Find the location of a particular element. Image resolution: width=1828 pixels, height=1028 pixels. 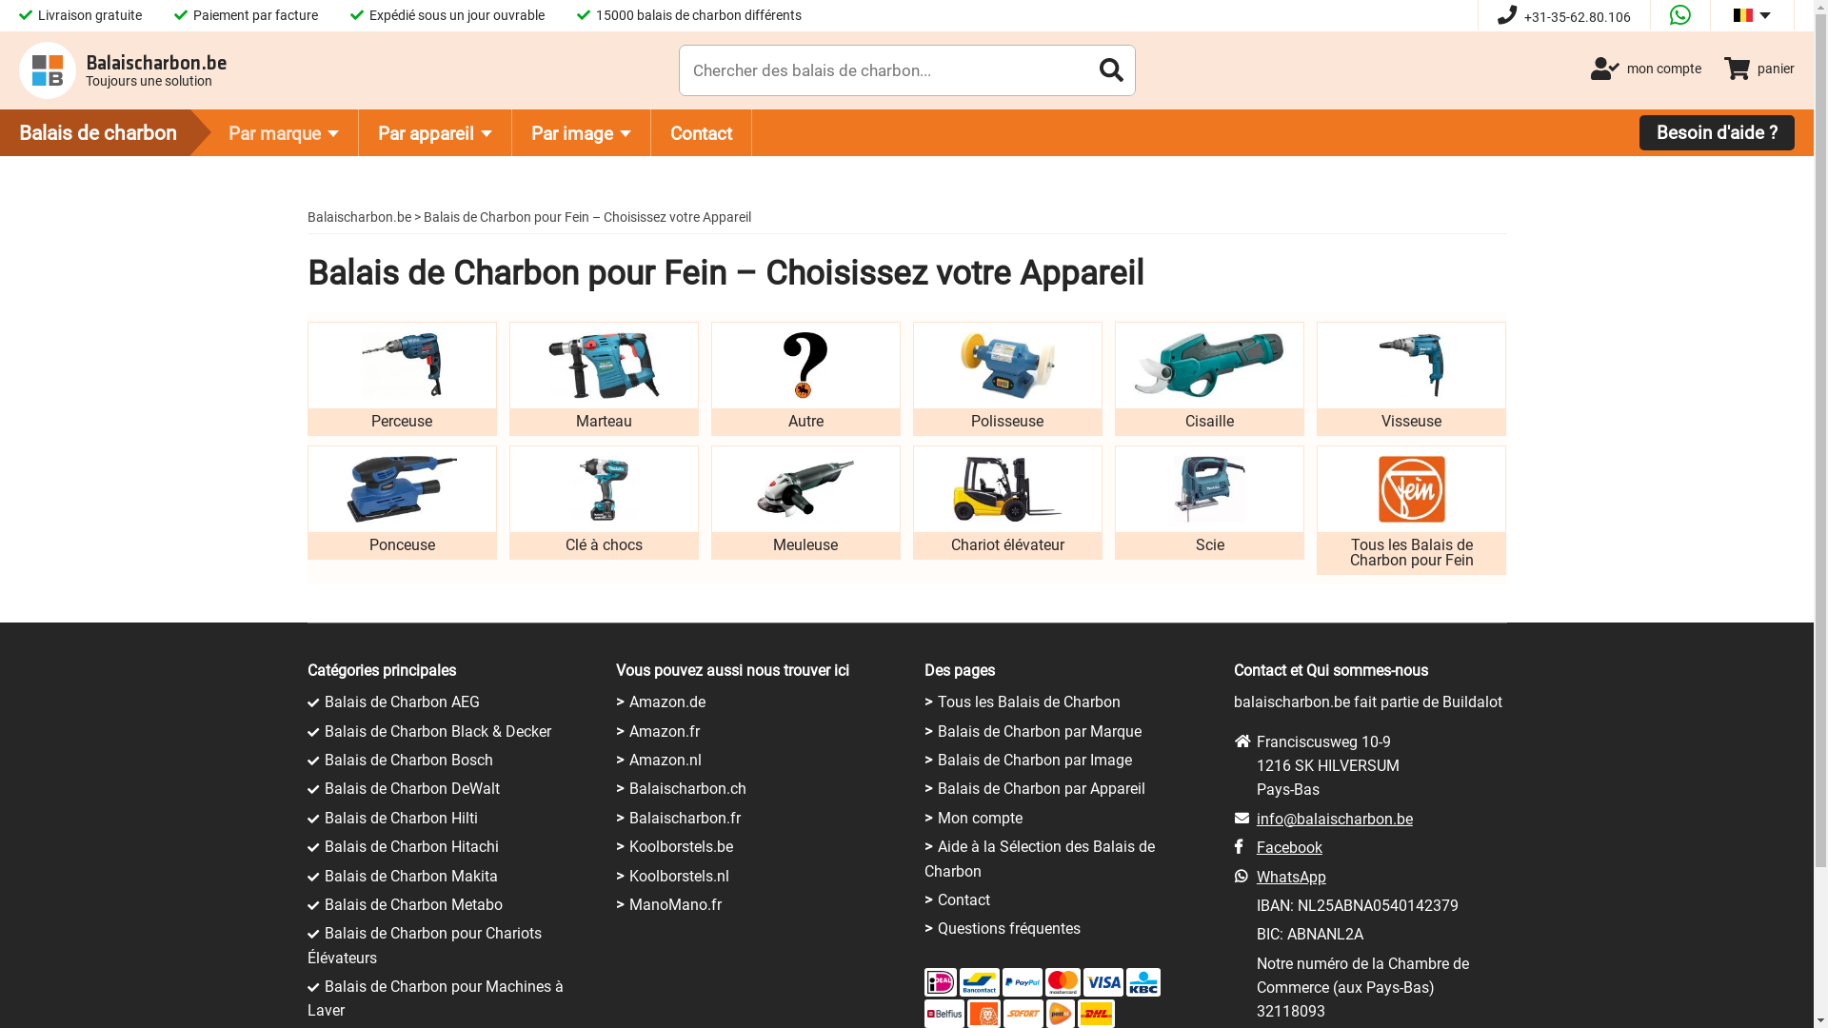

'PayPal-logo' is located at coordinates (1022, 982).